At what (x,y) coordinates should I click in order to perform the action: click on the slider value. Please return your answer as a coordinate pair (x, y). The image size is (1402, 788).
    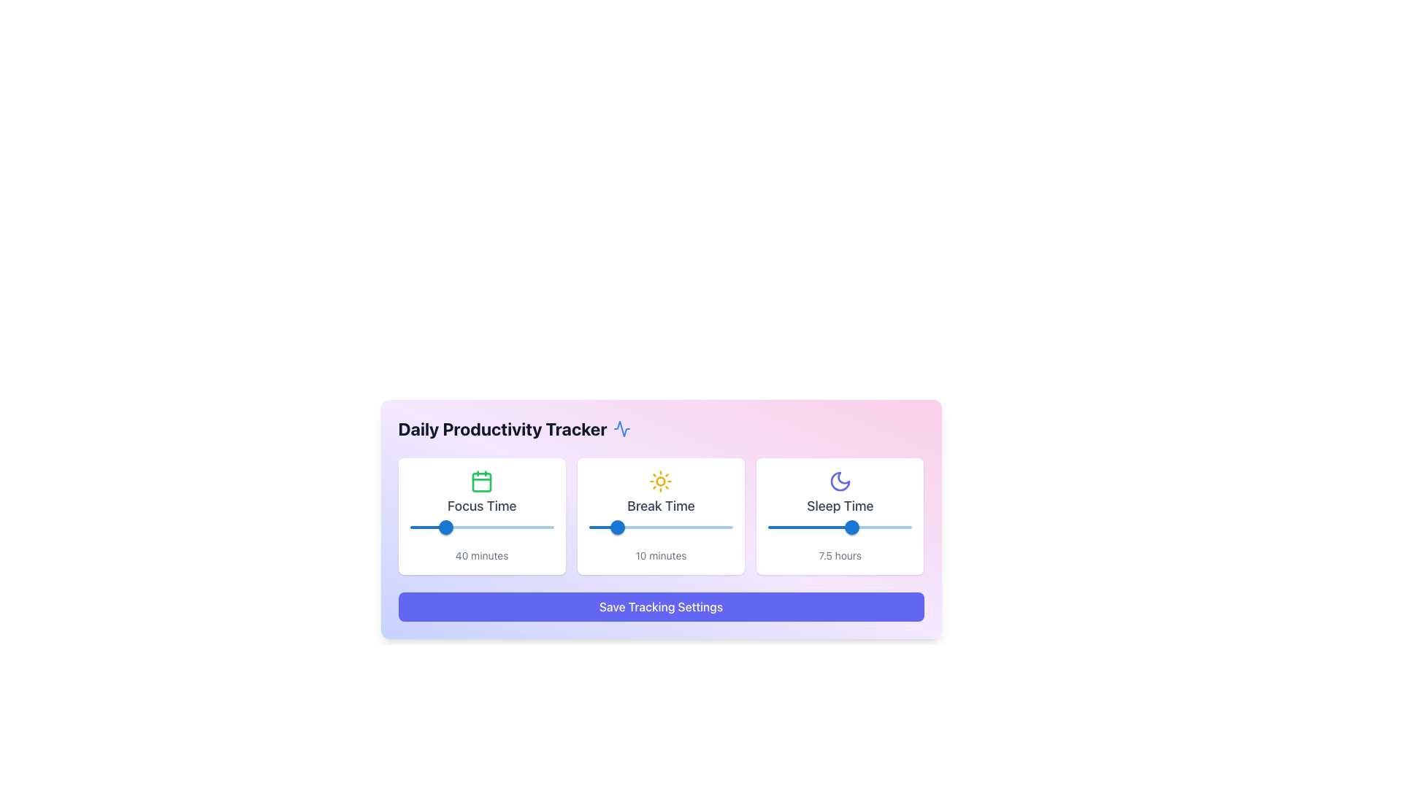
    Looking at the image, I should click on (911, 527).